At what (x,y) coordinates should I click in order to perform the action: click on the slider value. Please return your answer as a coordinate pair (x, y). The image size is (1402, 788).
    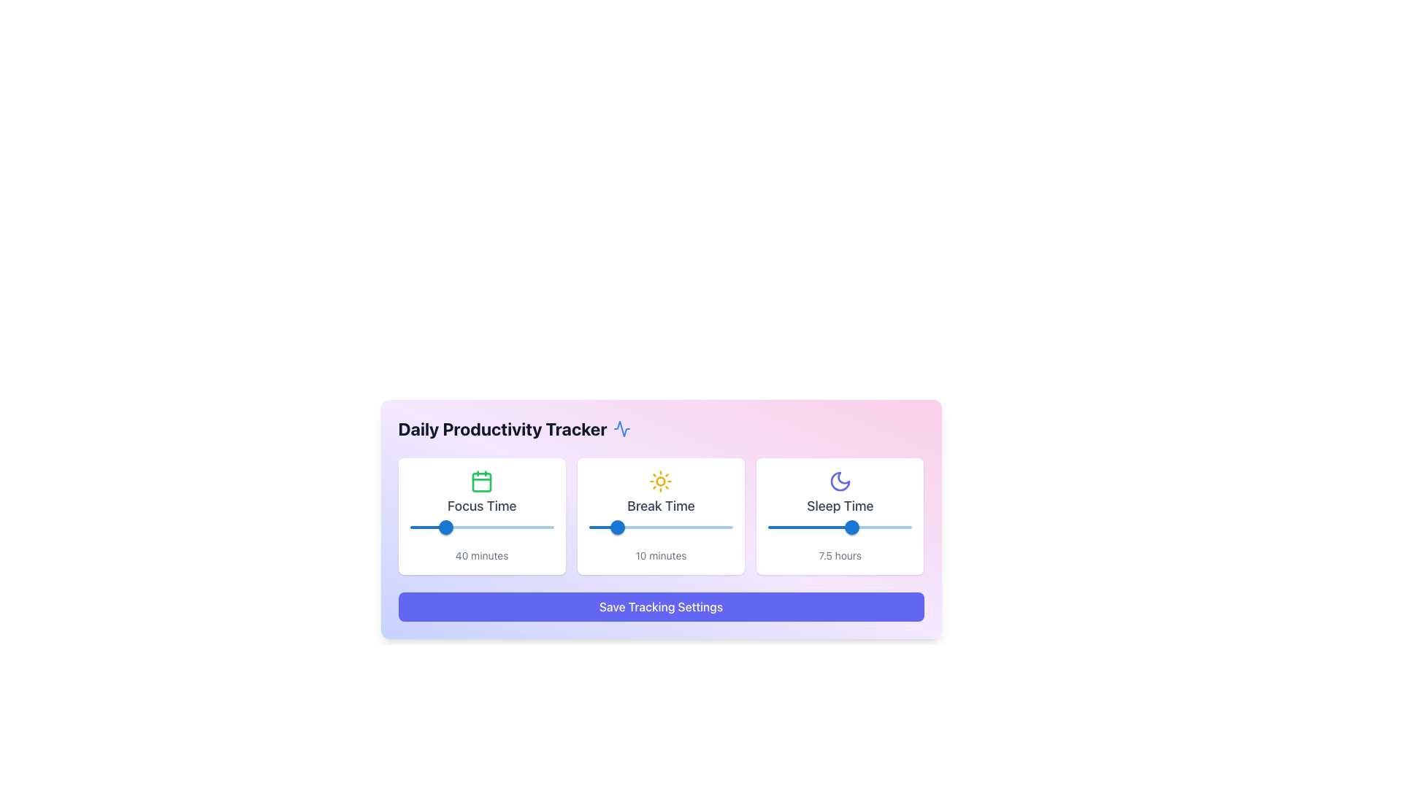
    Looking at the image, I should click on (911, 527).